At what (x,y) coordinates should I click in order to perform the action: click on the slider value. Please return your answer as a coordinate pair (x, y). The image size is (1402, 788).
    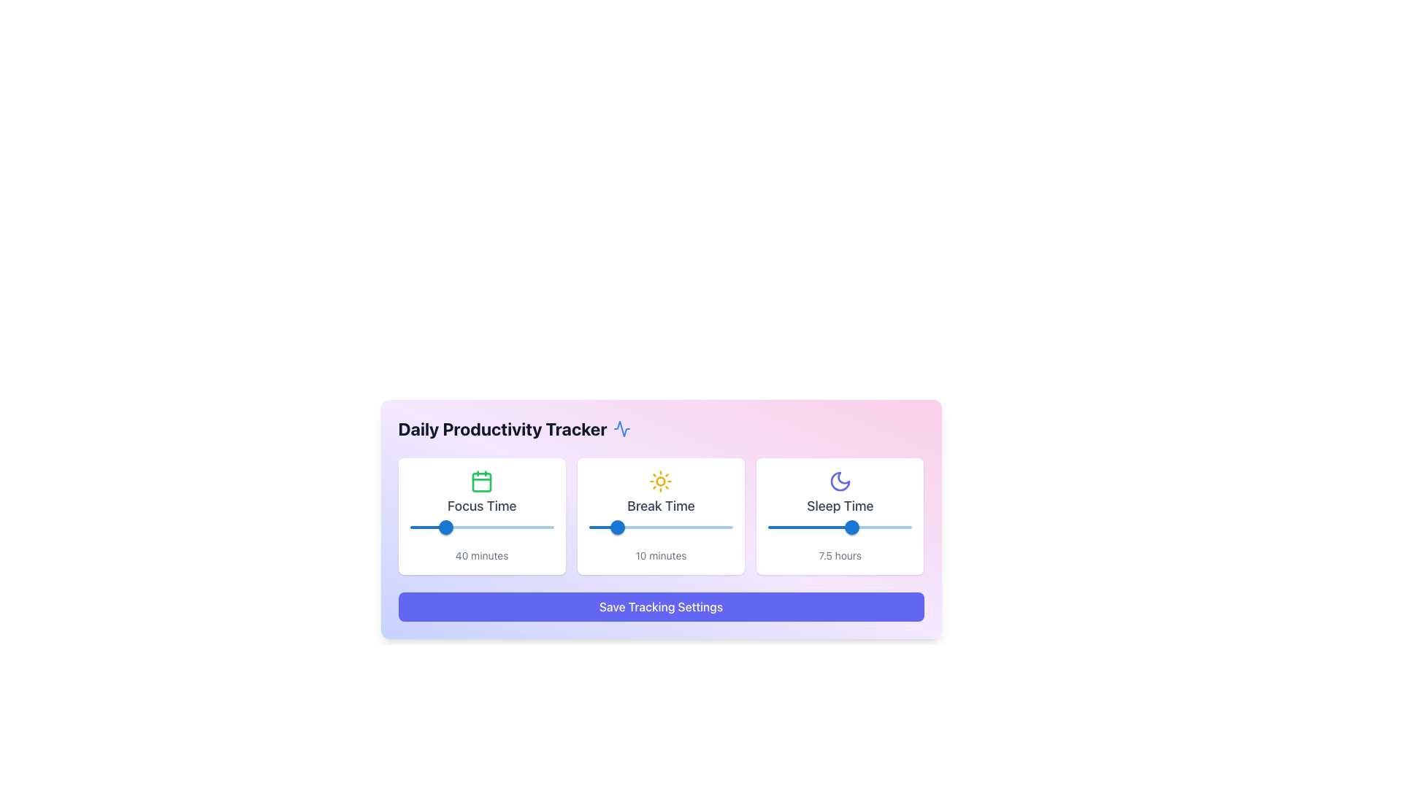
    Looking at the image, I should click on (911, 527).